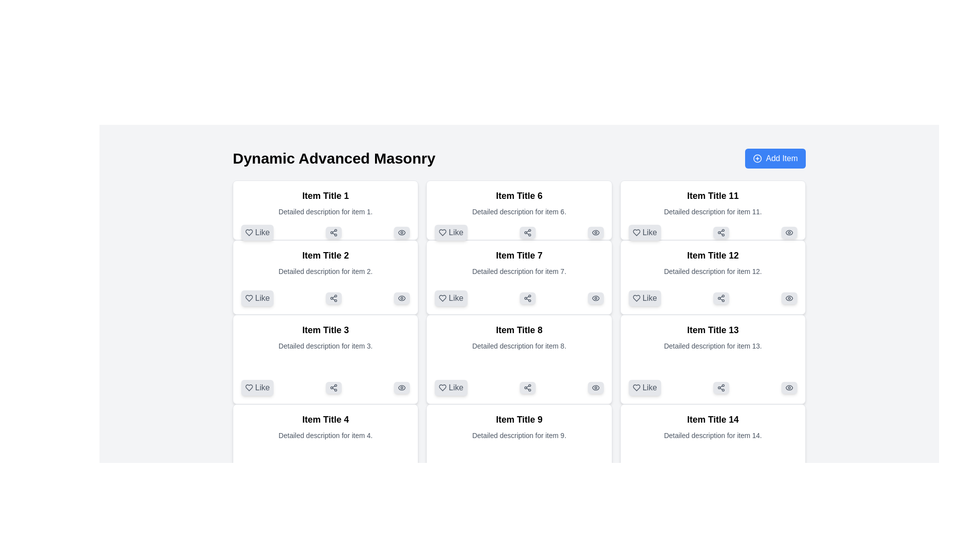 The height and width of the screenshot is (537, 955). Describe the element at coordinates (712, 420) in the screenshot. I see `the static text element that serves as the title for 'Item 14', which is located at the top of its item card in the fourth column of the bottom row of the grid layout` at that location.